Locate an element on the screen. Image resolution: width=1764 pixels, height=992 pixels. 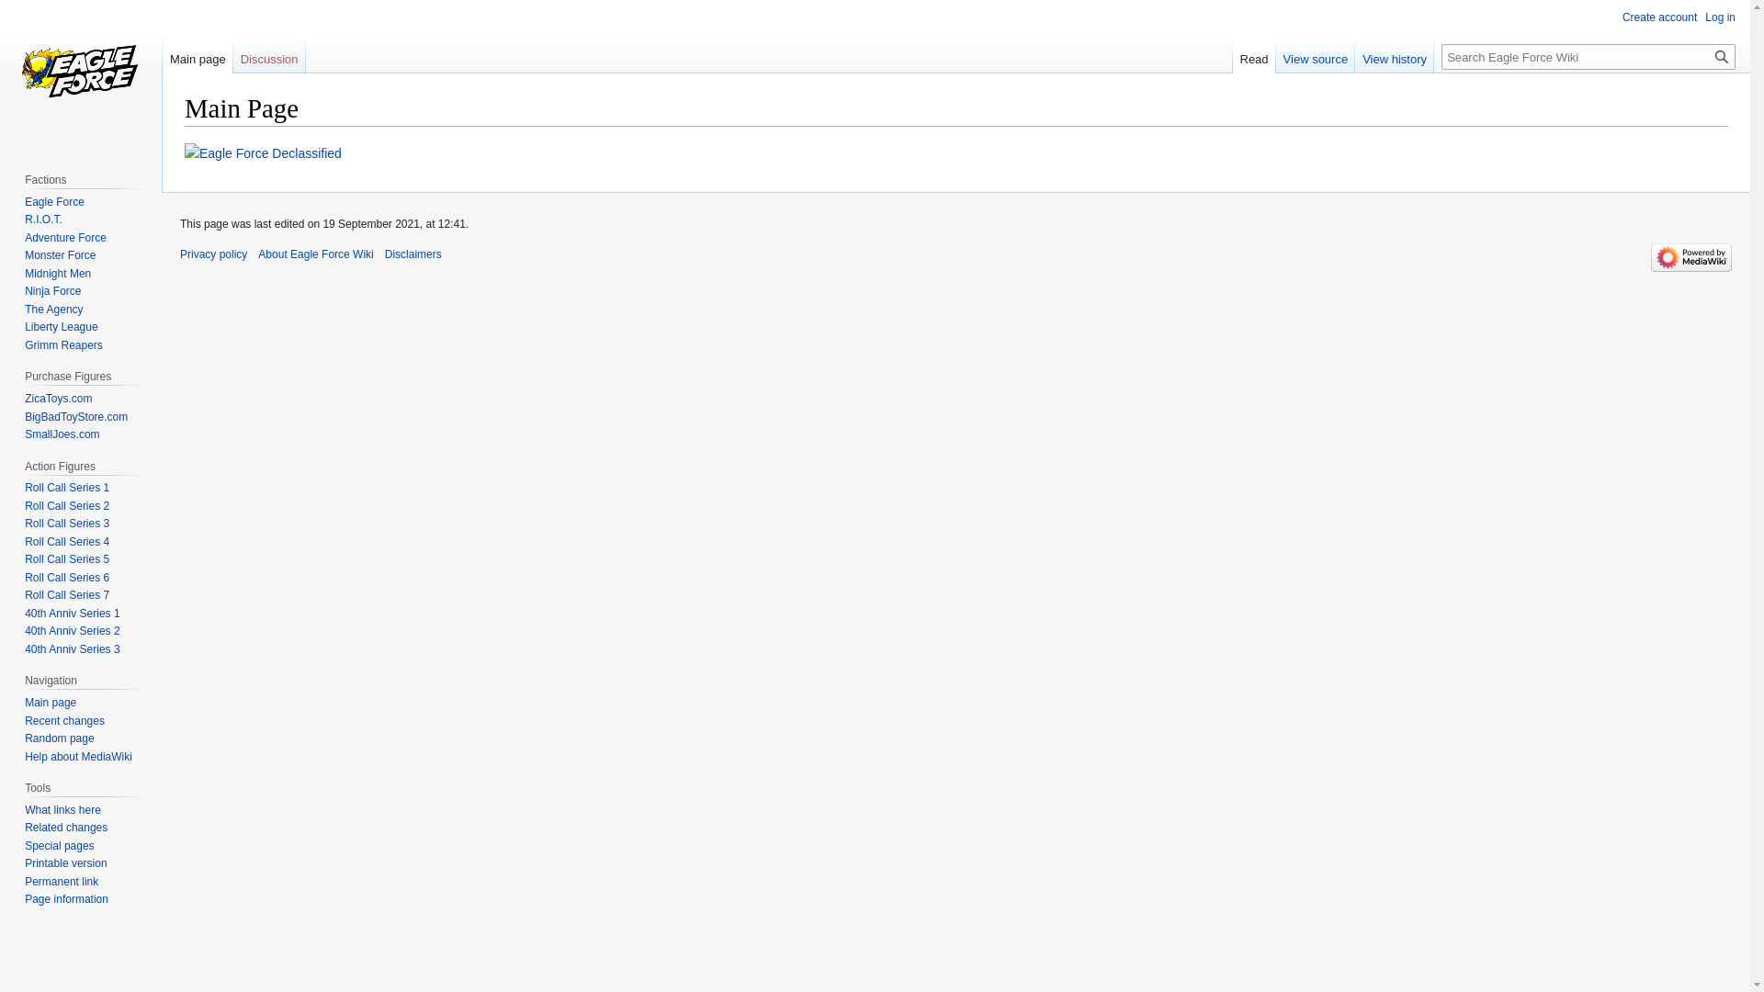
'Adventure Force' is located at coordinates (65, 236).